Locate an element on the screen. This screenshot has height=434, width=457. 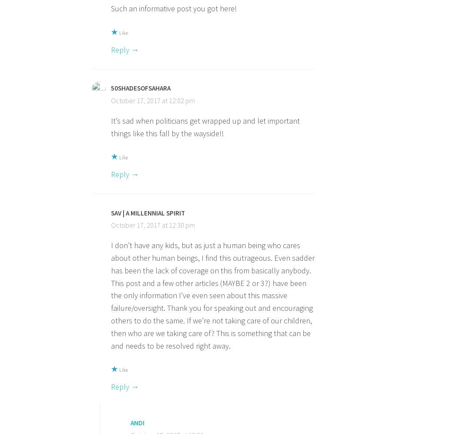
'50shadesofsahara' is located at coordinates (111, 88).